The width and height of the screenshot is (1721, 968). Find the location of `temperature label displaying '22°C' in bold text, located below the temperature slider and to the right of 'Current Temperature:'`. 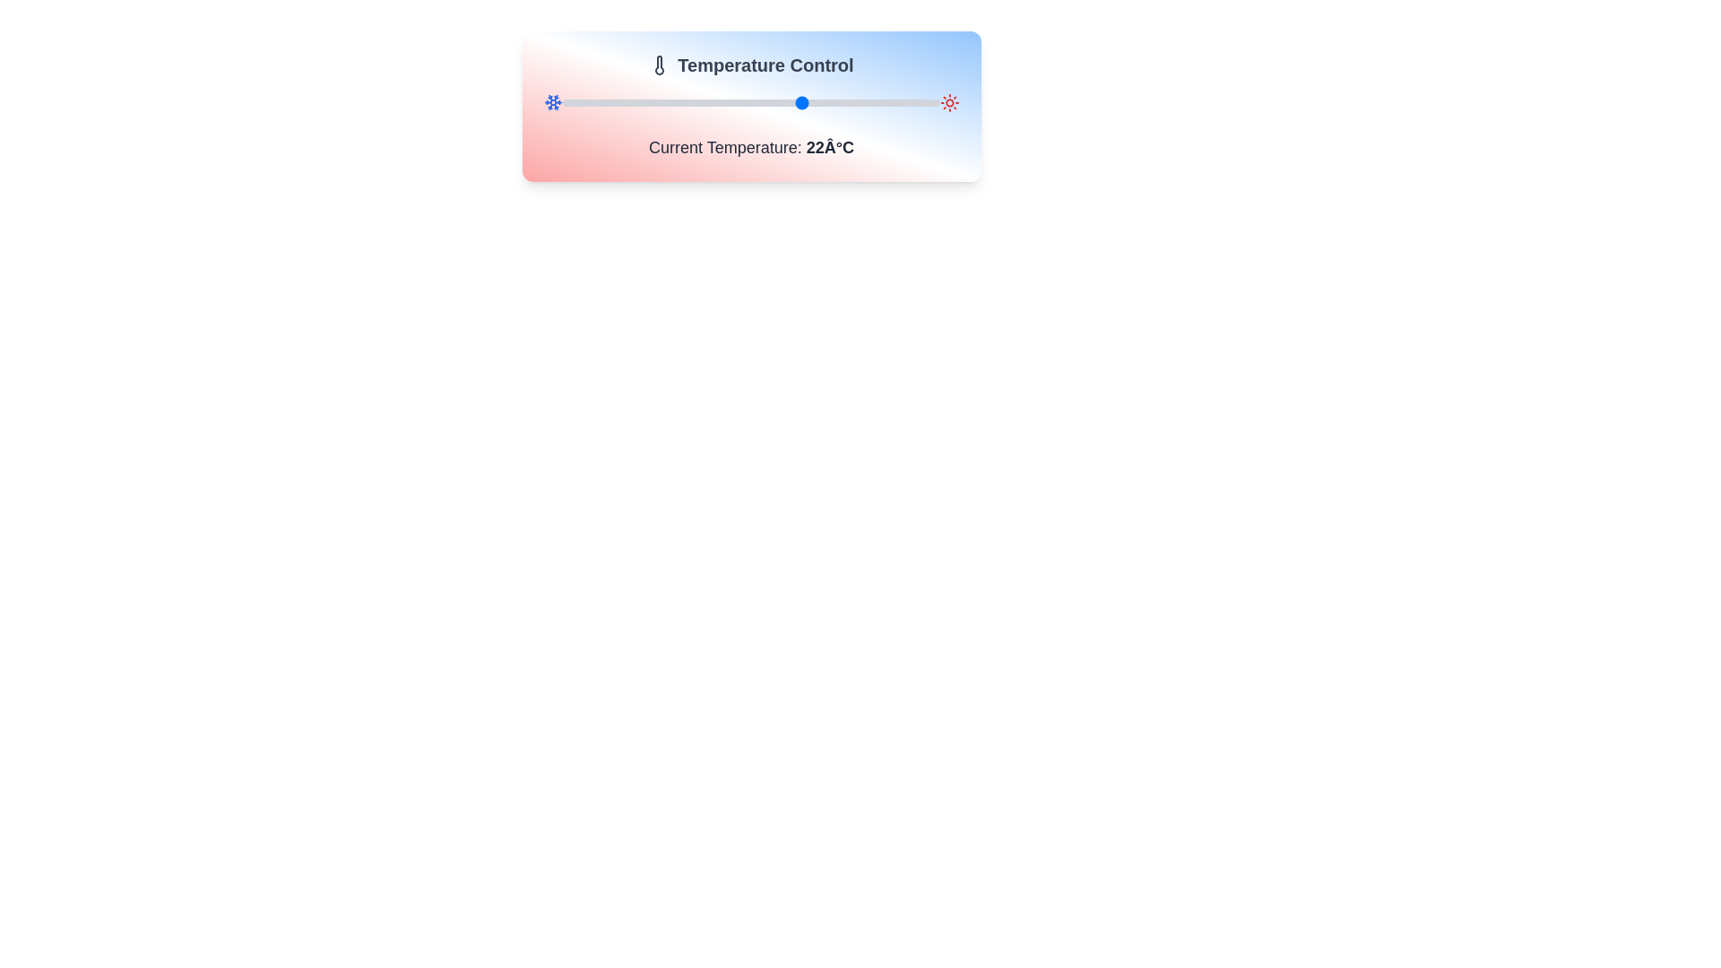

temperature label displaying '22°C' in bold text, located below the temperature slider and to the right of 'Current Temperature:' is located at coordinates (829, 147).